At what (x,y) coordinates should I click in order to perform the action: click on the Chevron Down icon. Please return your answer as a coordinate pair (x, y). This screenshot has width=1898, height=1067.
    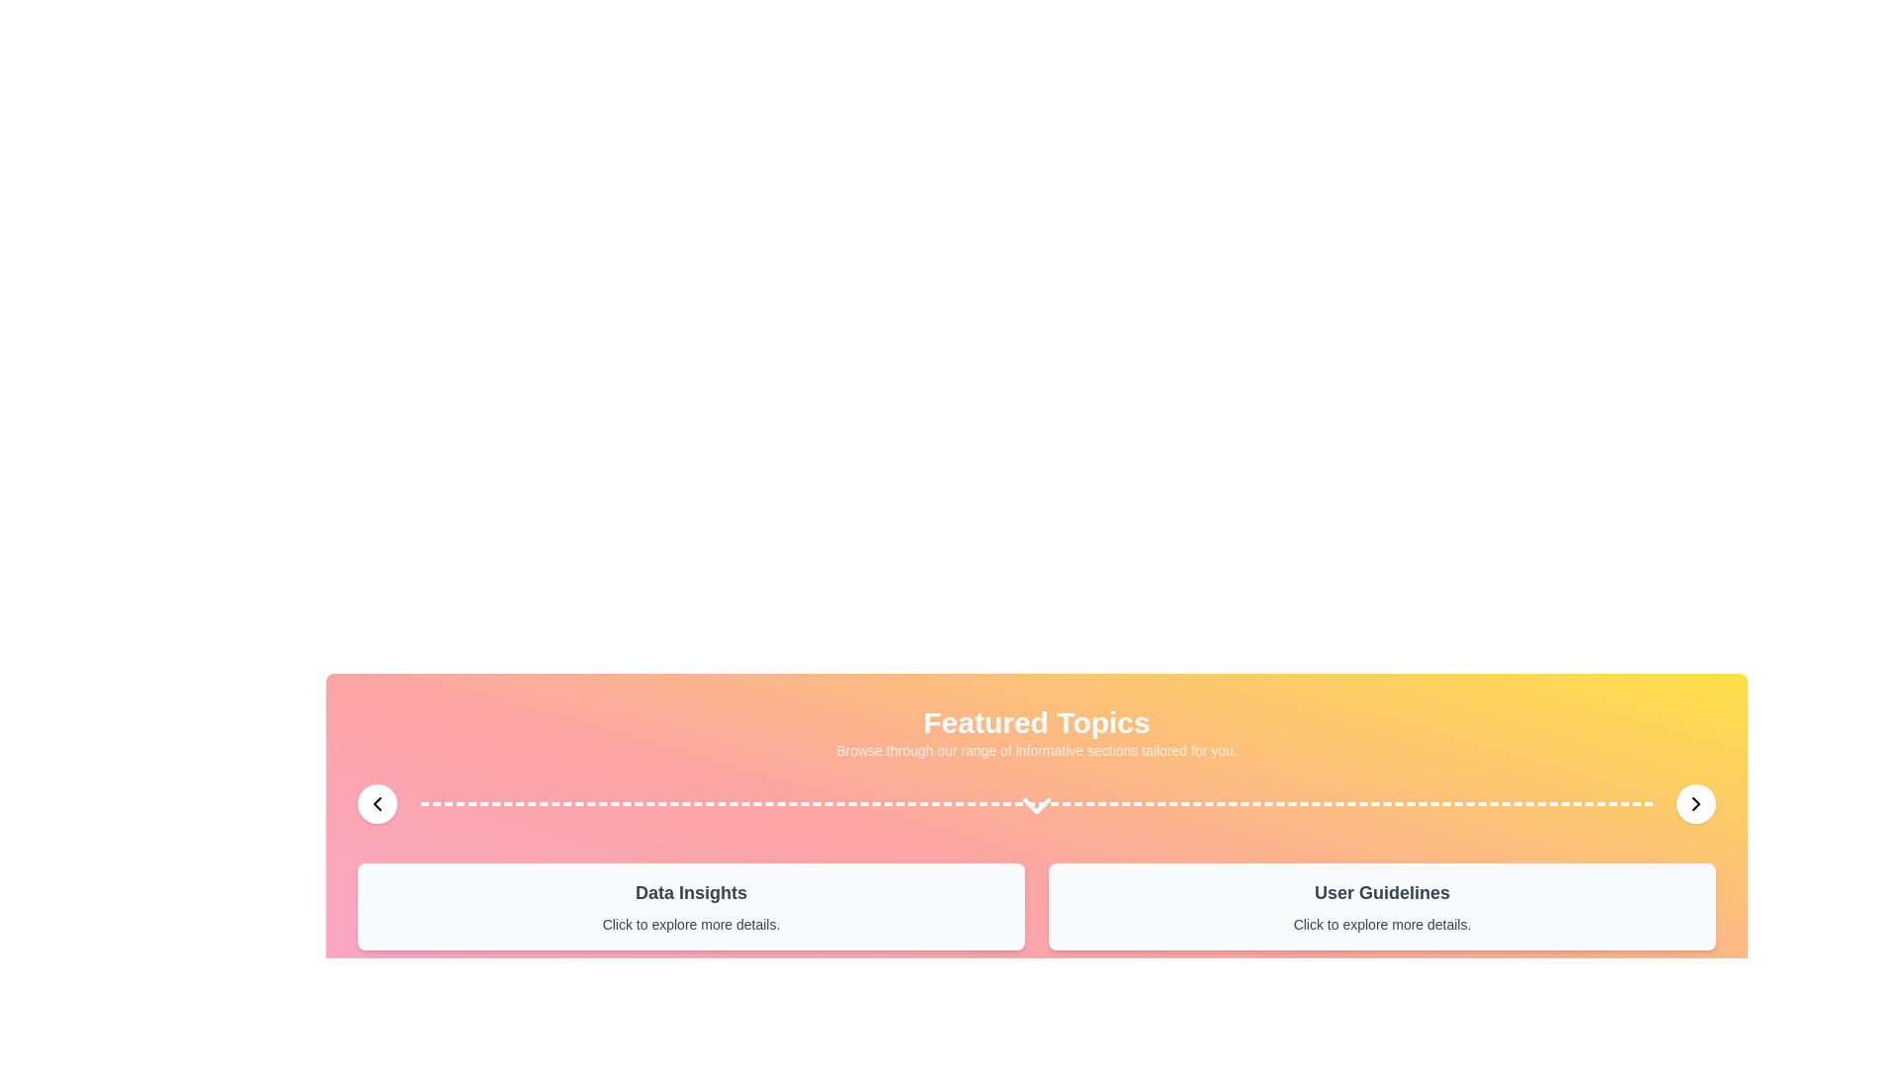
    Looking at the image, I should click on (1036, 806).